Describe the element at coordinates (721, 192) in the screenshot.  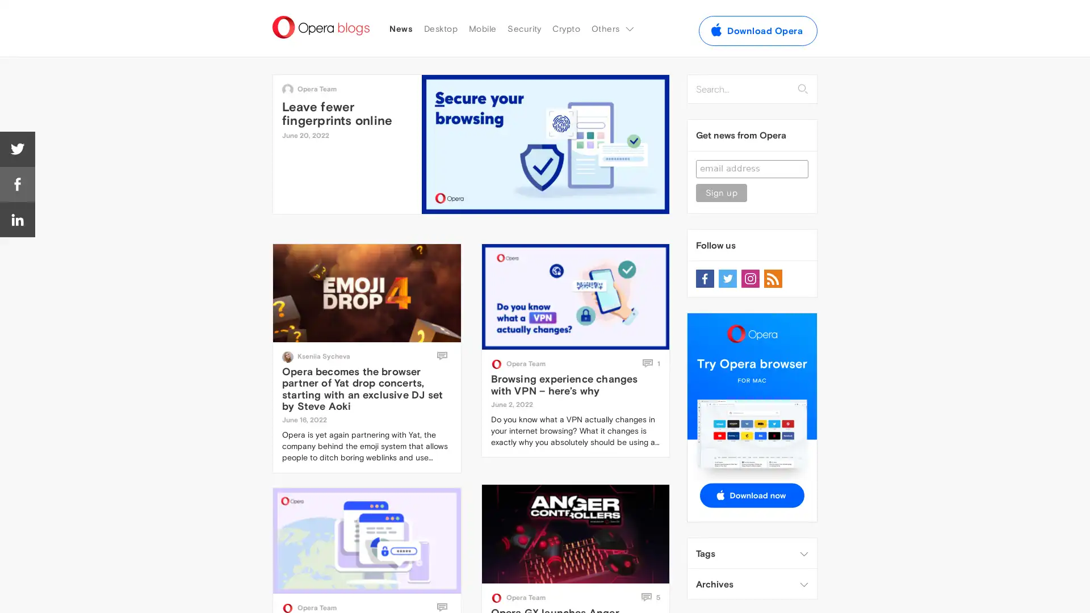
I see `Sign up` at that location.